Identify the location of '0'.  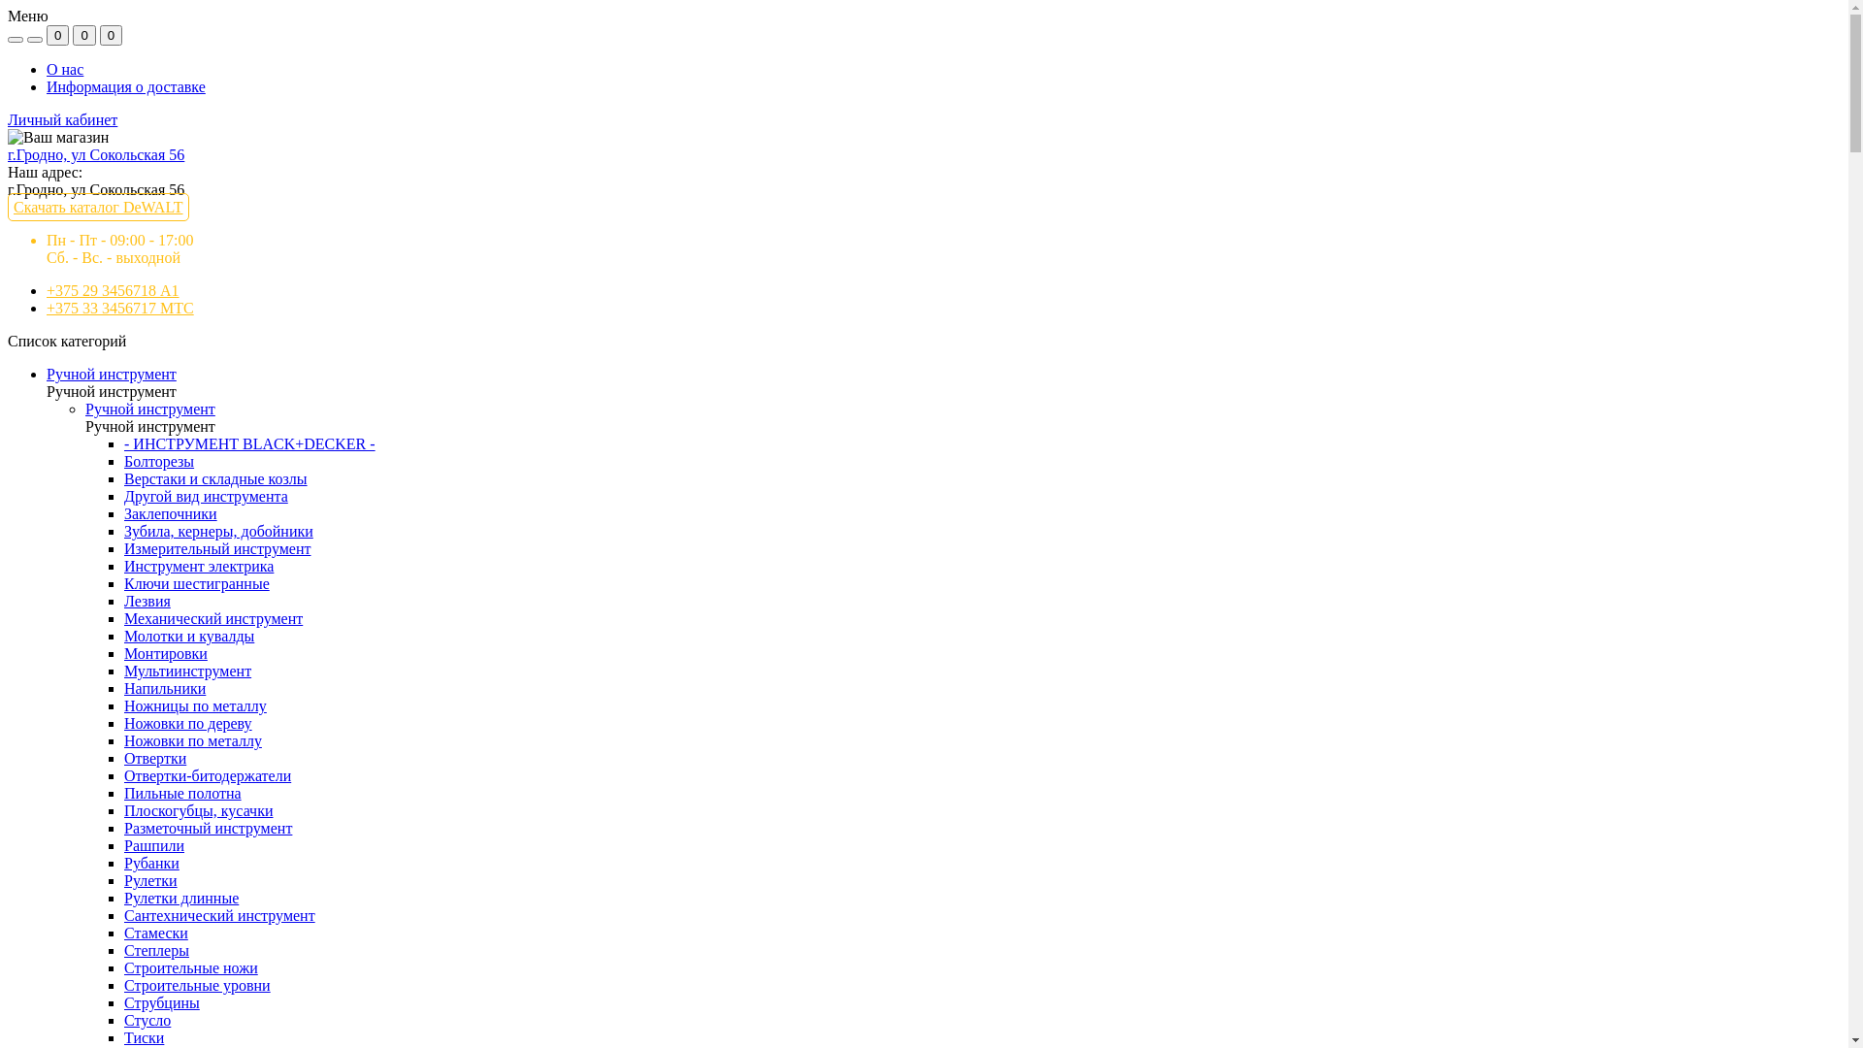
(47, 35).